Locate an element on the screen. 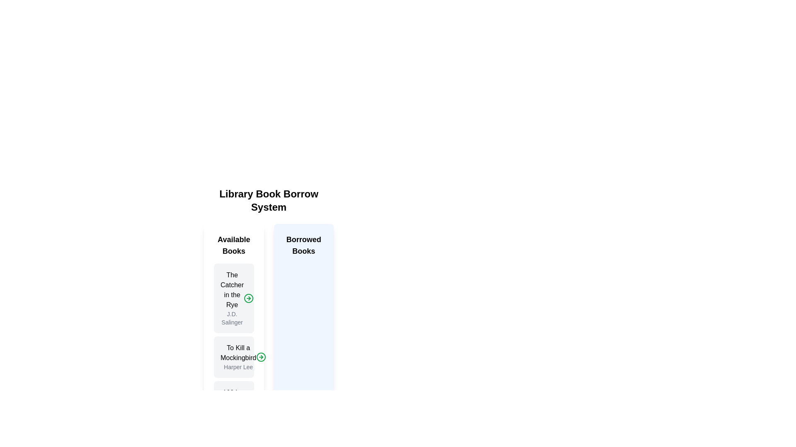 The width and height of the screenshot is (796, 447). the button to borrow 'The Catcher in the Rye' from the 'Available Books' section is located at coordinates (248, 298).